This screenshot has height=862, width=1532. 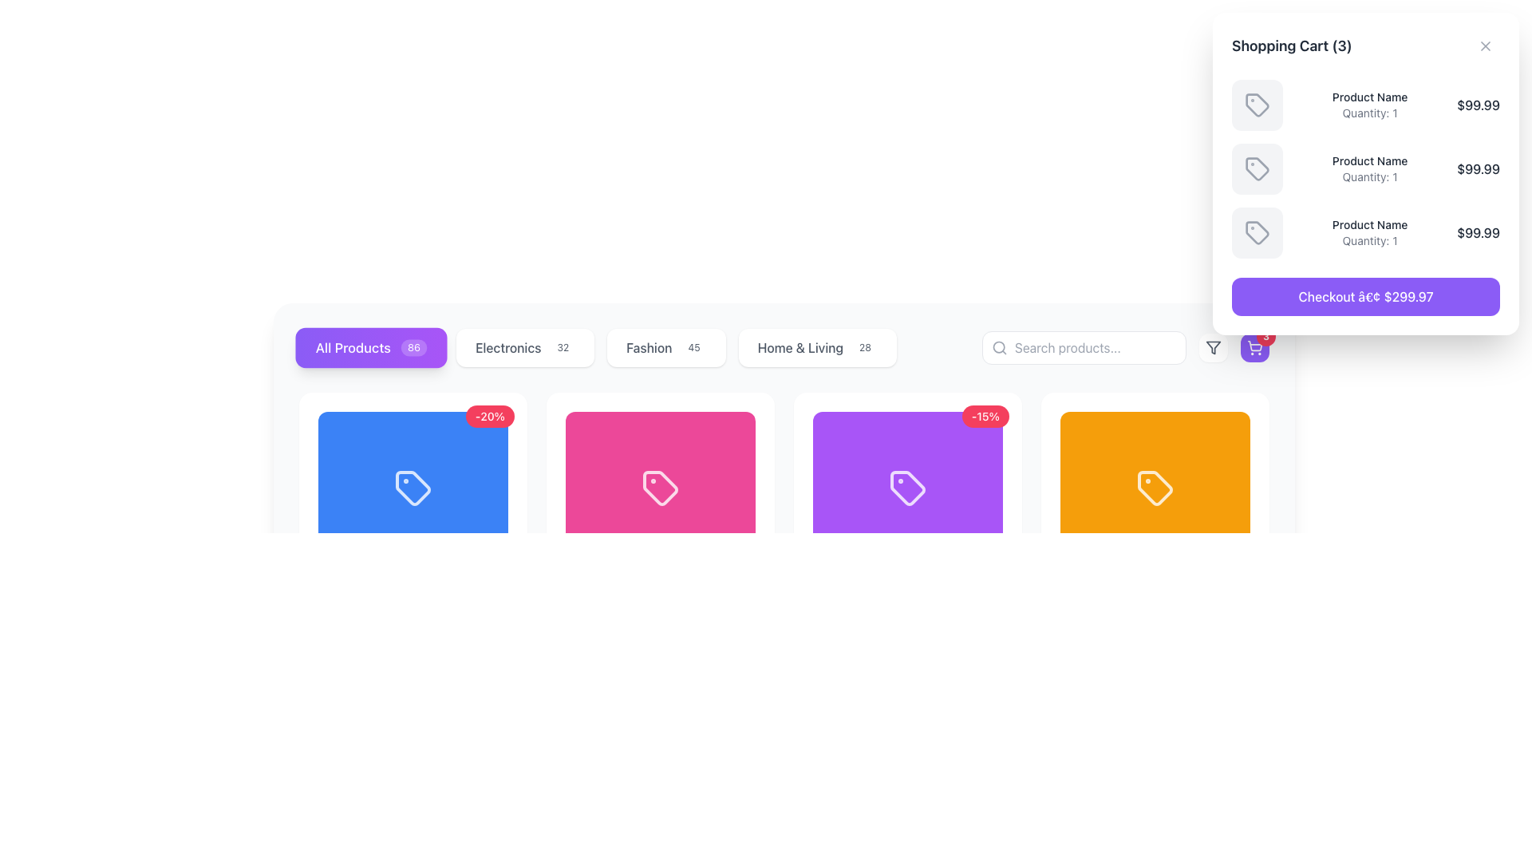 What do you see at coordinates (1485, 45) in the screenshot?
I see `the close ('X') icon button located at the top-right corner of the shopping cart dropdown to observe its color-change effect` at bounding box center [1485, 45].